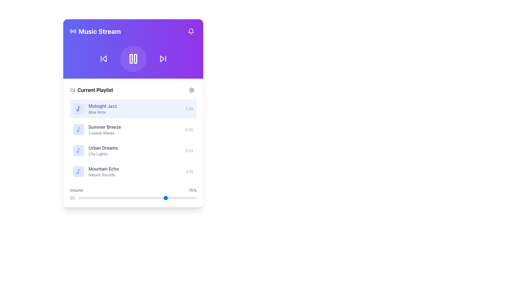  I want to click on the cog-shaped settings icon located in the top right corner of the 'Current Playlist' section, so click(191, 90).